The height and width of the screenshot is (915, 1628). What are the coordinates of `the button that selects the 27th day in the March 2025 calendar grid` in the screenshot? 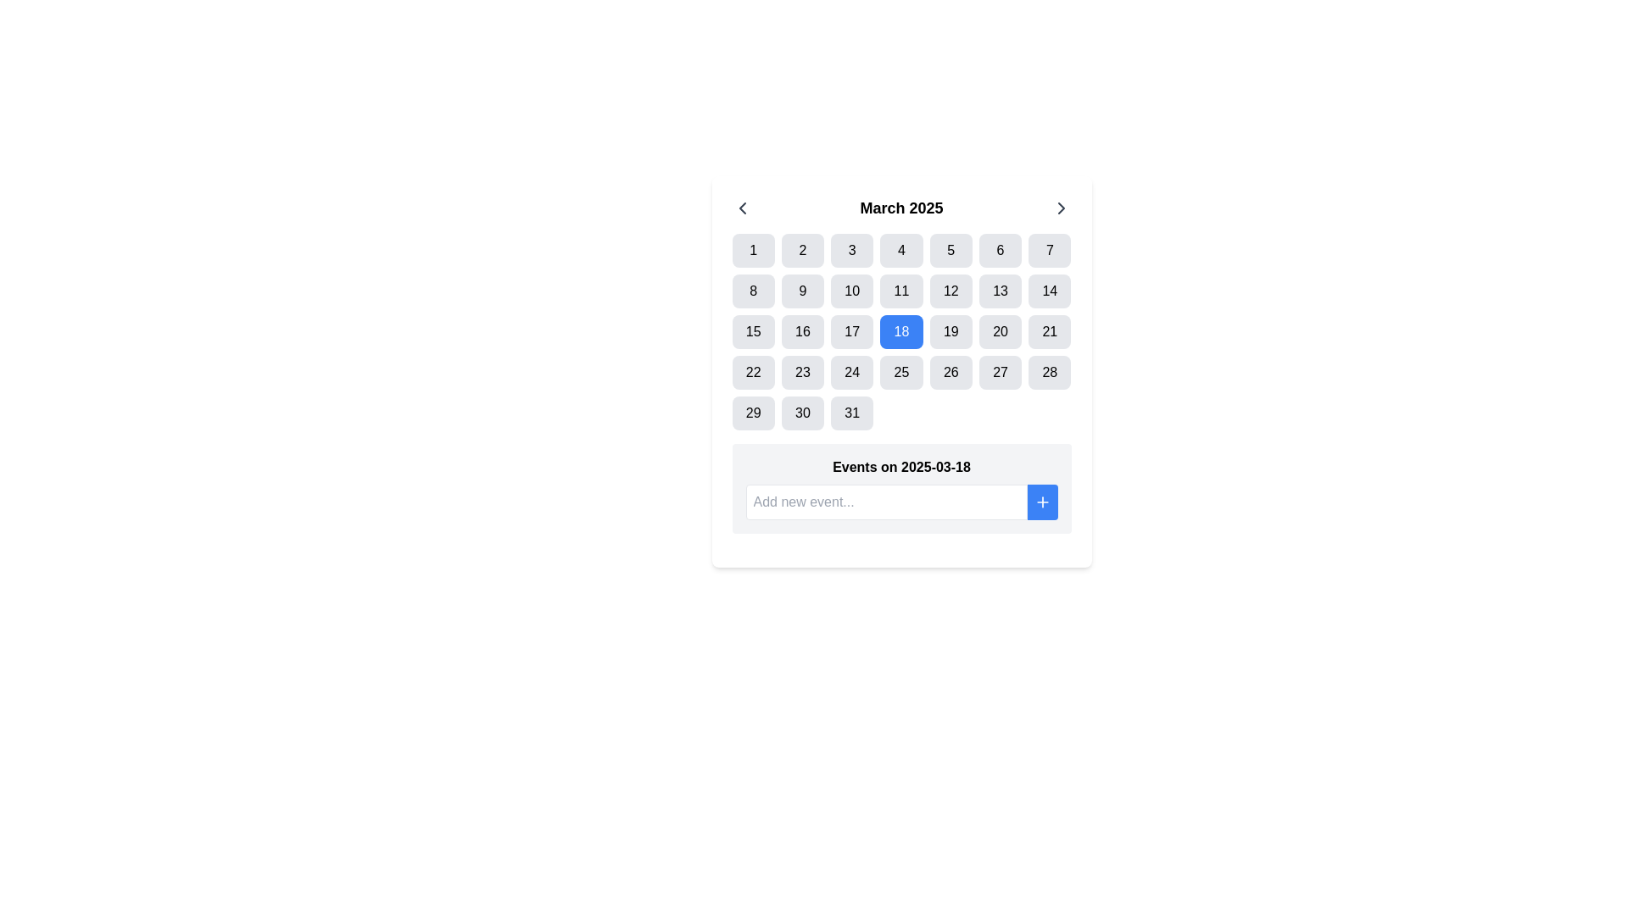 It's located at (1001, 371).